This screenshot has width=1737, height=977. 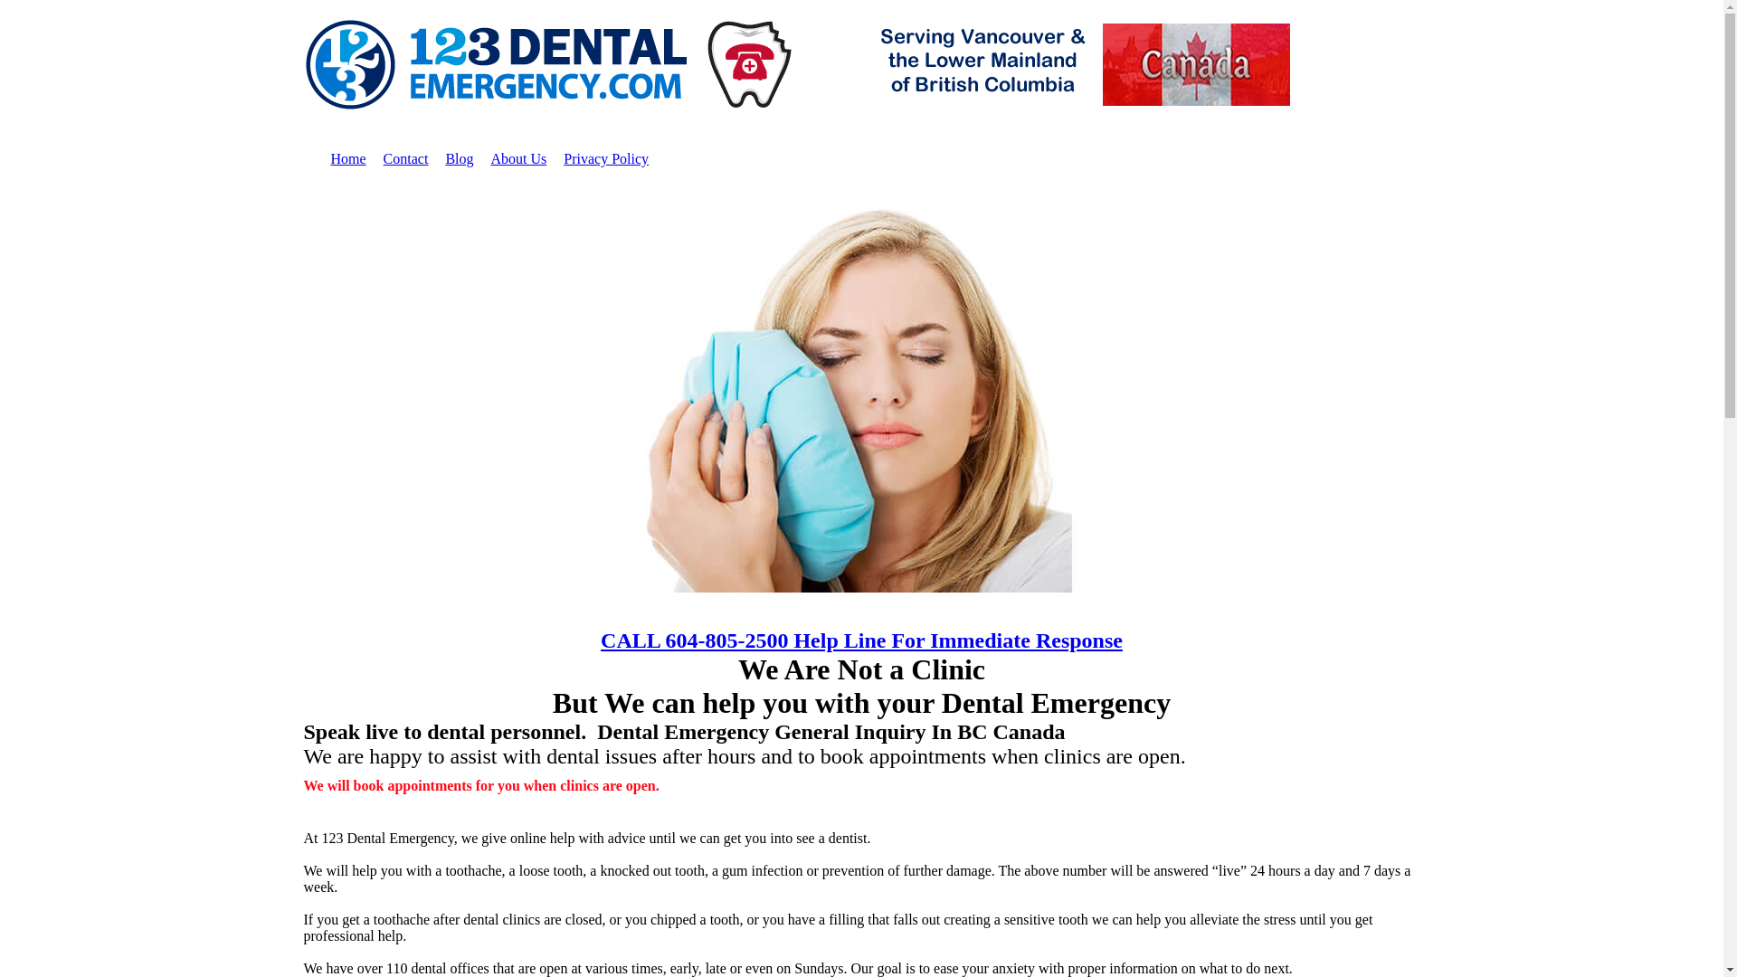 I want to click on 'About Us', so click(x=517, y=157).